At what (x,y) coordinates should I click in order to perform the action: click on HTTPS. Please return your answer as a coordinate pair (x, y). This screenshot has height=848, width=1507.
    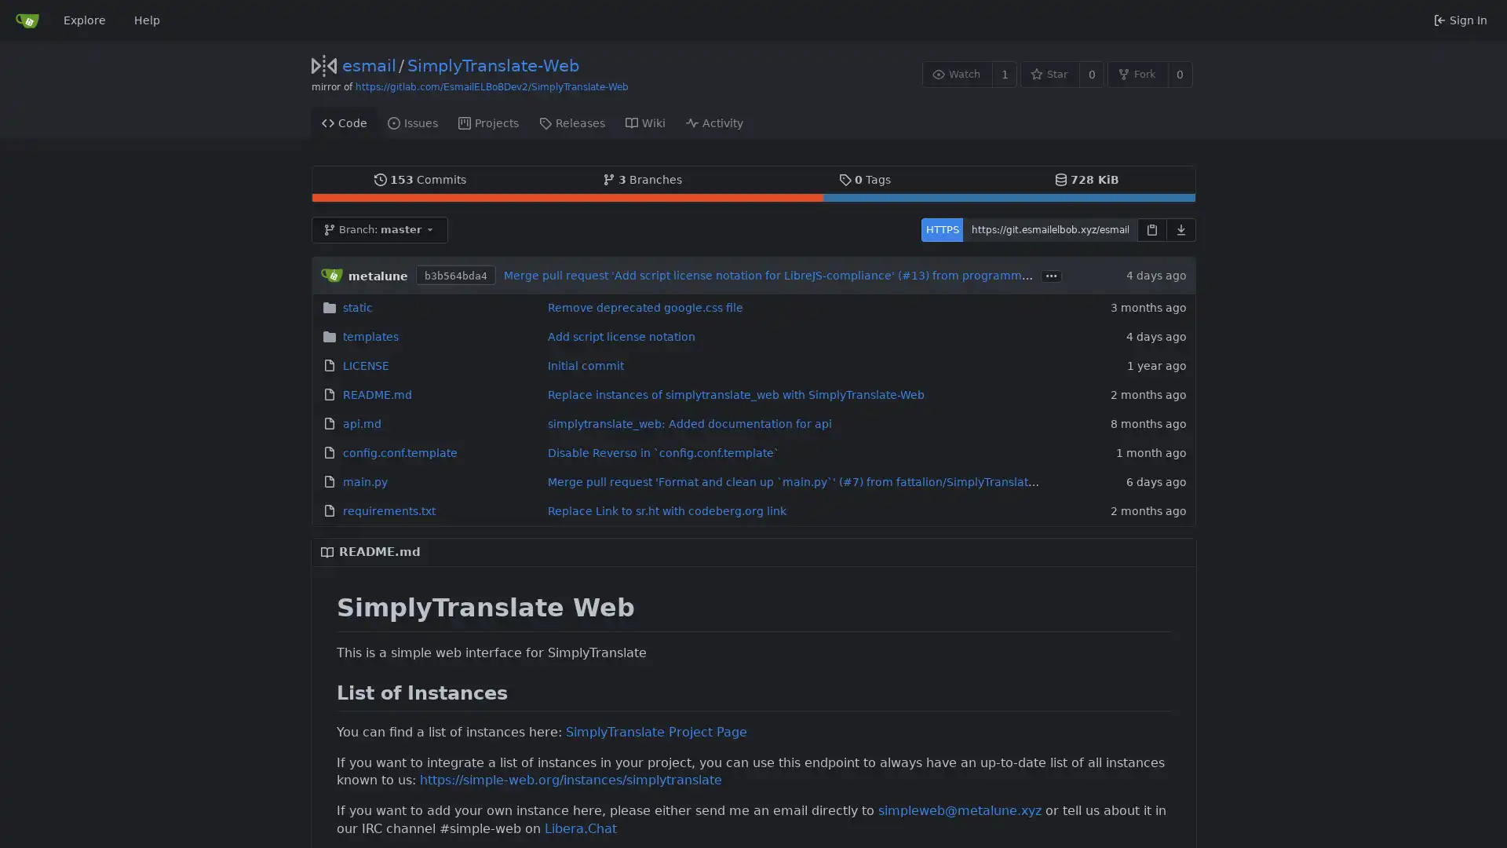
    Looking at the image, I should click on (941, 229).